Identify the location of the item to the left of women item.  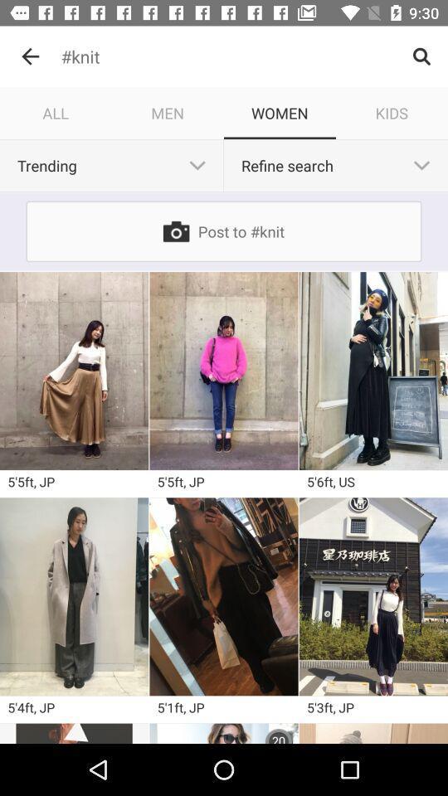
(168, 112).